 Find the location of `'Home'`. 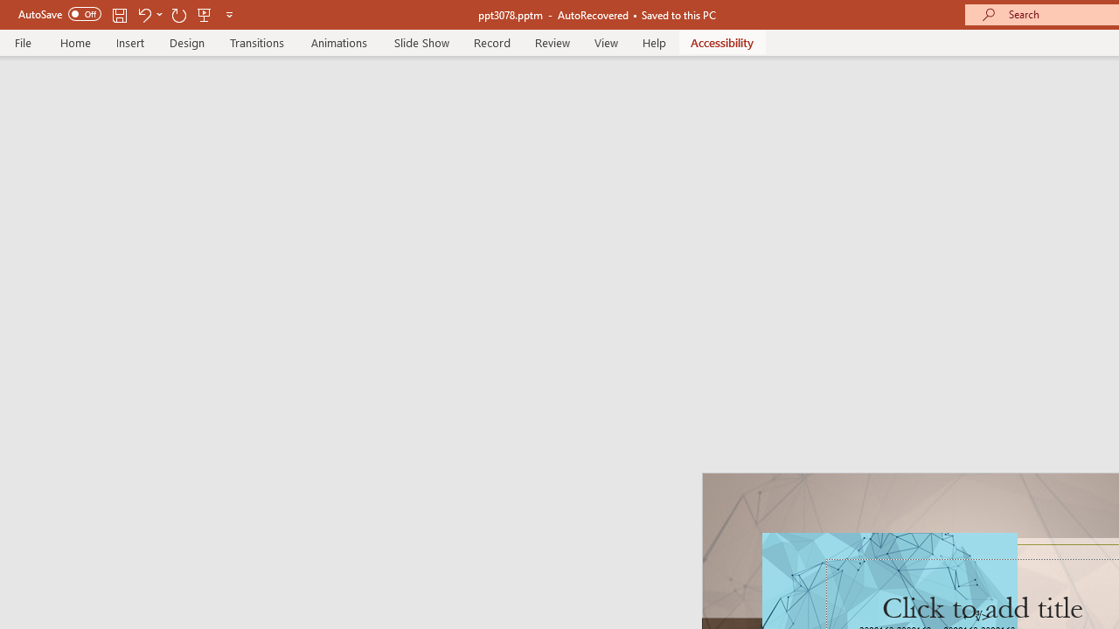

'Home' is located at coordinates (74, 42).